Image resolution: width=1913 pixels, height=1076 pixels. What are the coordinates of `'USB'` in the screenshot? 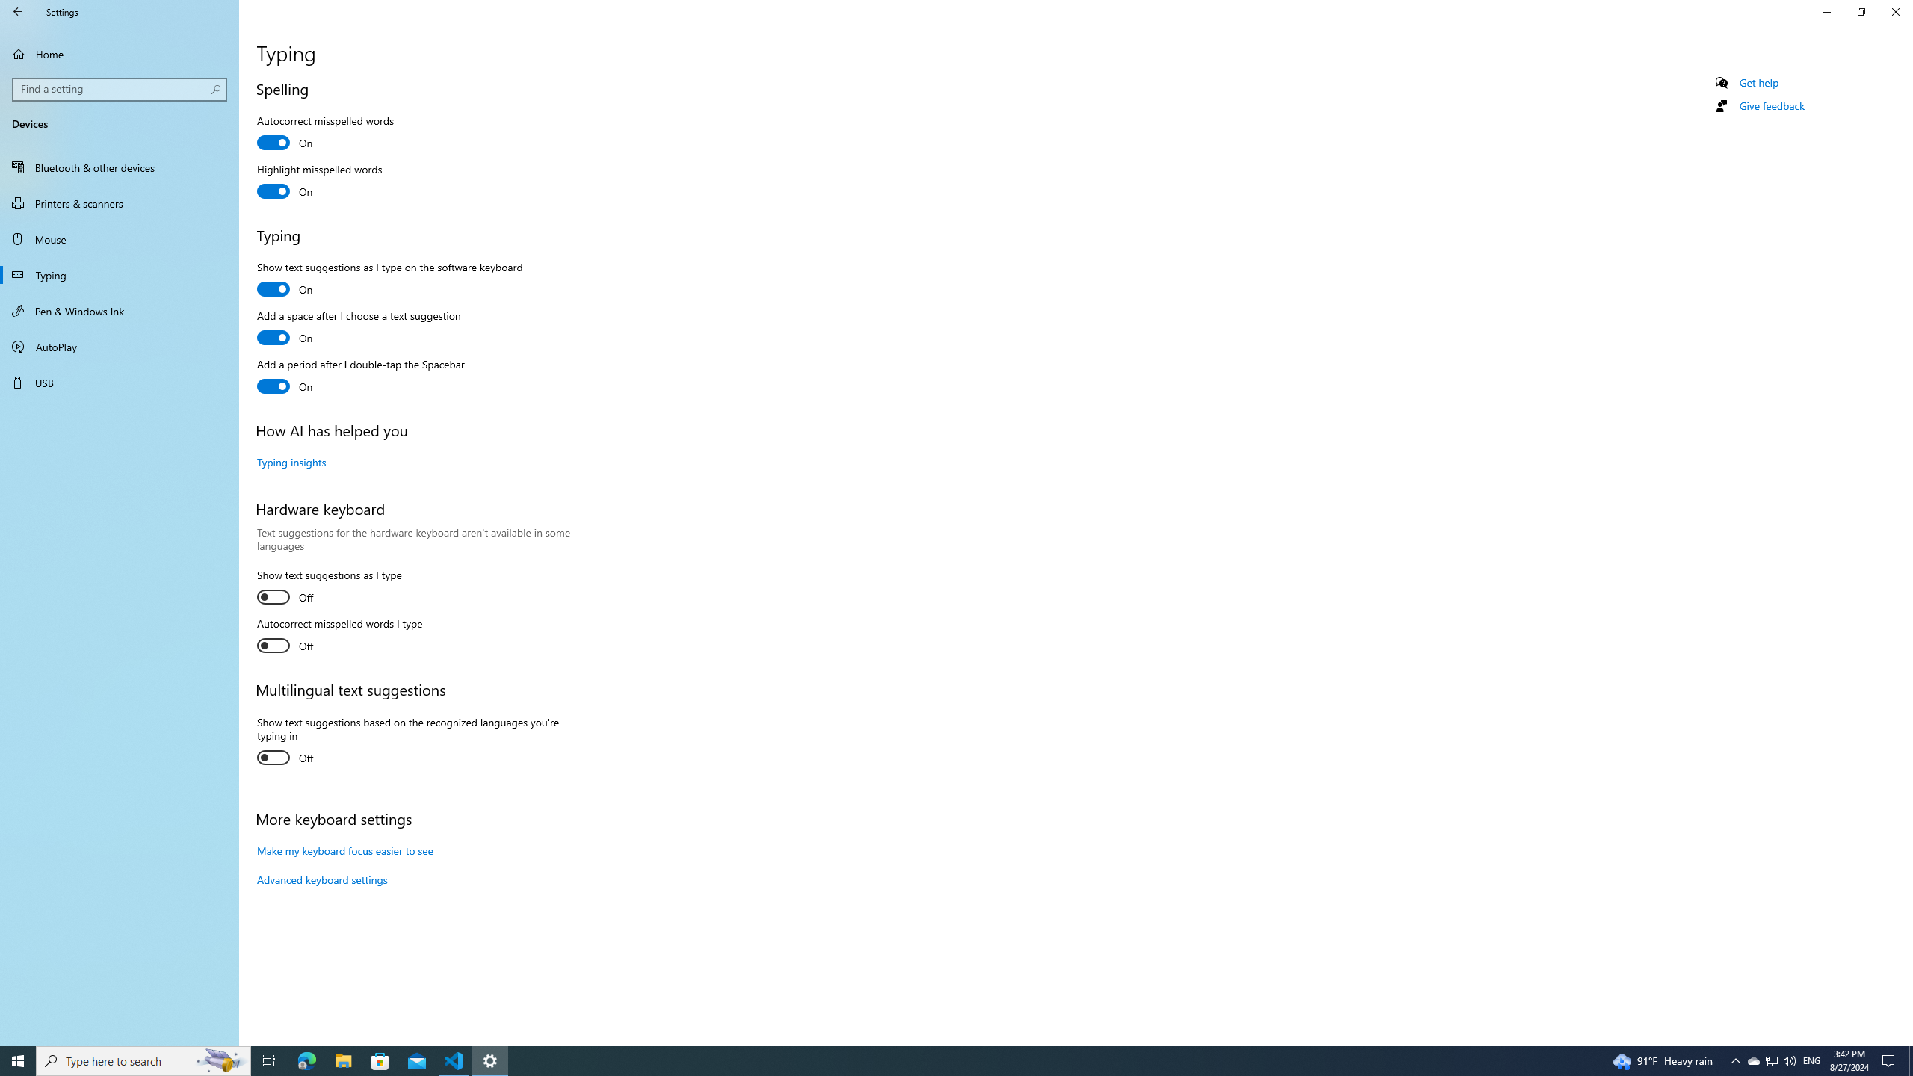 It's located at (119, 381).